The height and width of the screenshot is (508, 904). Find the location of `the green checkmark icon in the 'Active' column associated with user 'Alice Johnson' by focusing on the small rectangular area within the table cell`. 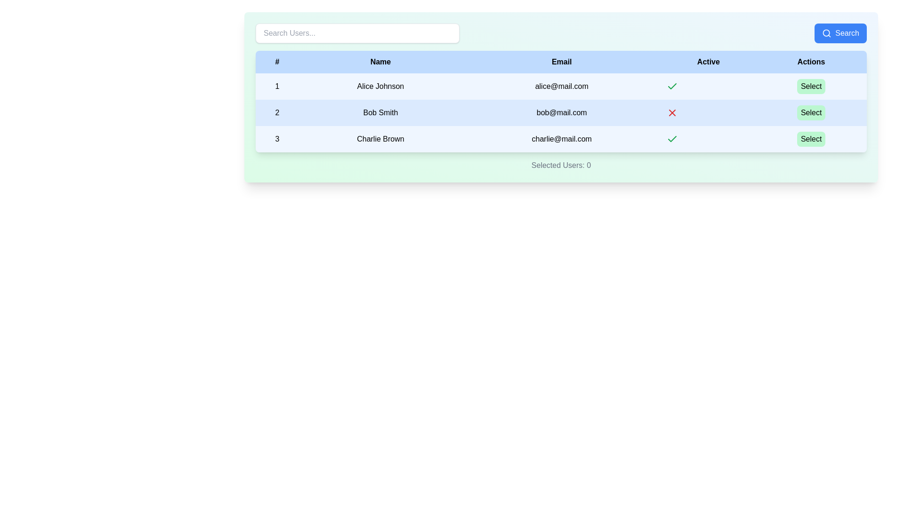

the green checkmark icon in the 'Active' column associated with user 'Alice Johnson' by focusing on the small rectangular area within the table cell is located at coordinates (708, 87).